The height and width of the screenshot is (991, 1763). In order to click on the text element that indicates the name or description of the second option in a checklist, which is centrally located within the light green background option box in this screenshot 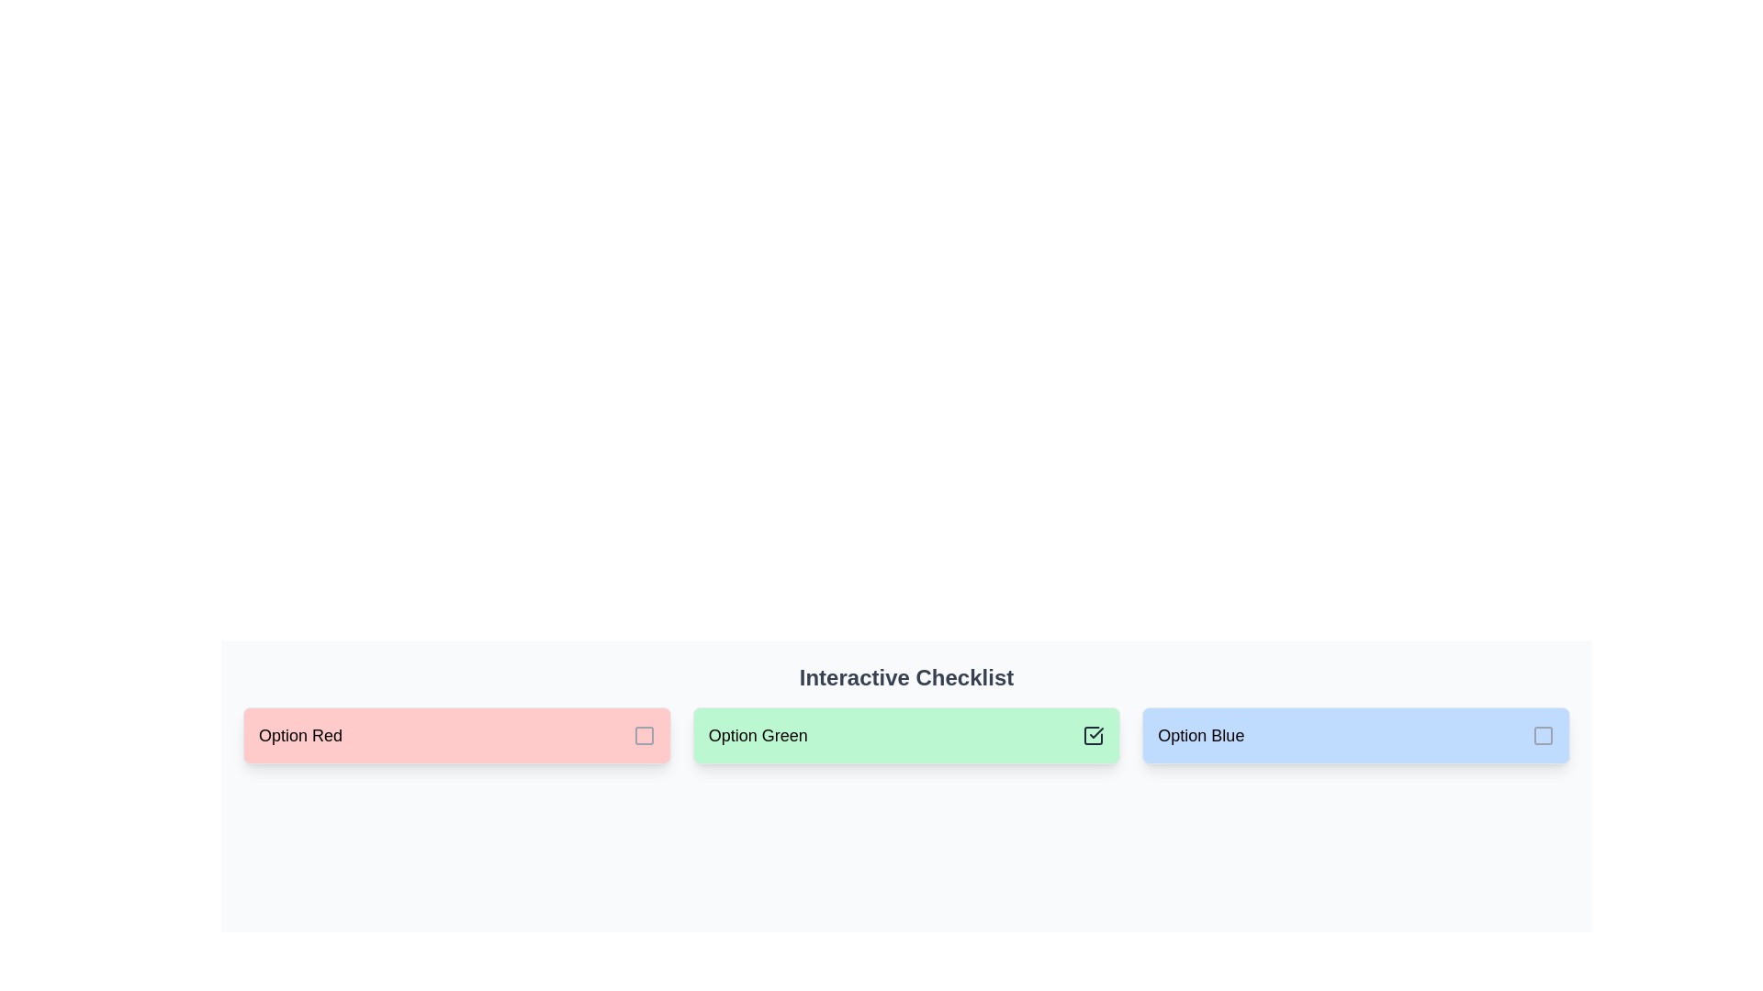, I will do `click(758, 735)`.